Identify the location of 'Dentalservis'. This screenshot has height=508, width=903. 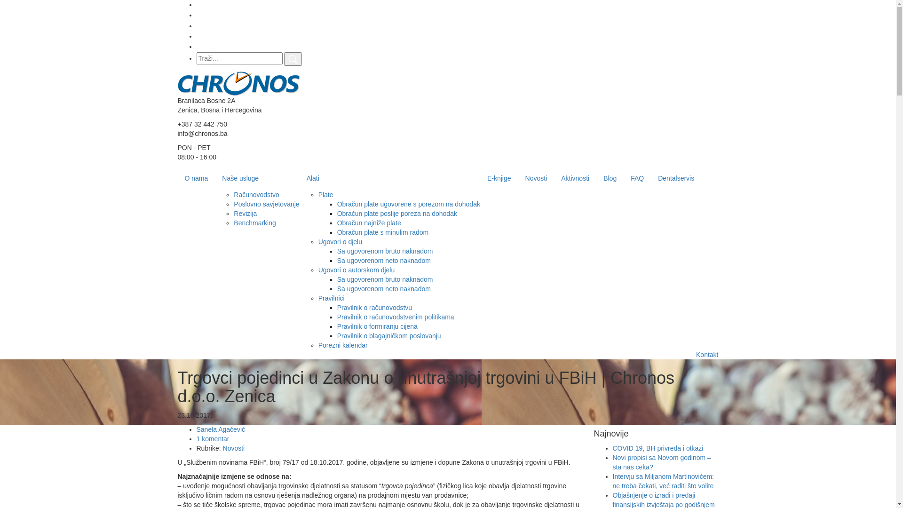
(675, 178).